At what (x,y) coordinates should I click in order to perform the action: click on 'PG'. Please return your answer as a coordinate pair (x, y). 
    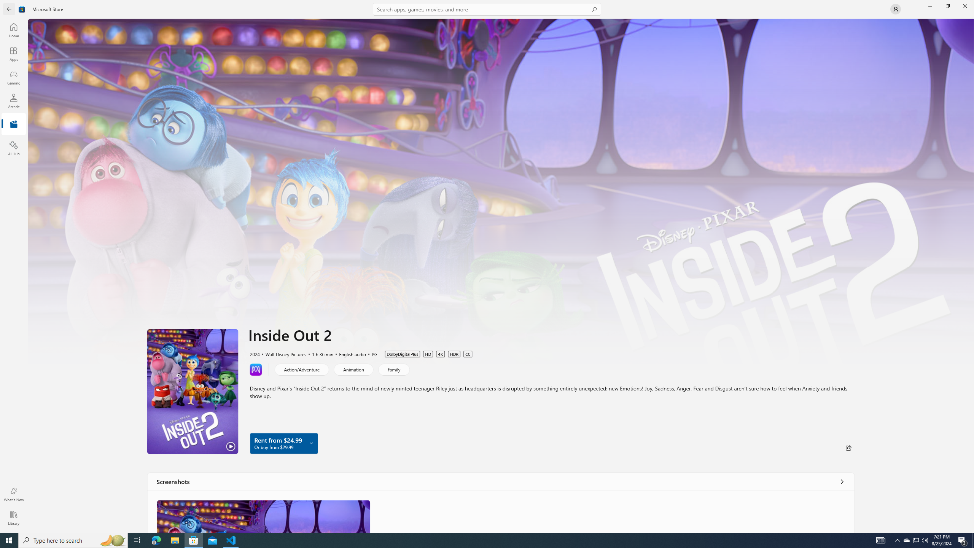
    Looking at the image, I should click on (371, 353).